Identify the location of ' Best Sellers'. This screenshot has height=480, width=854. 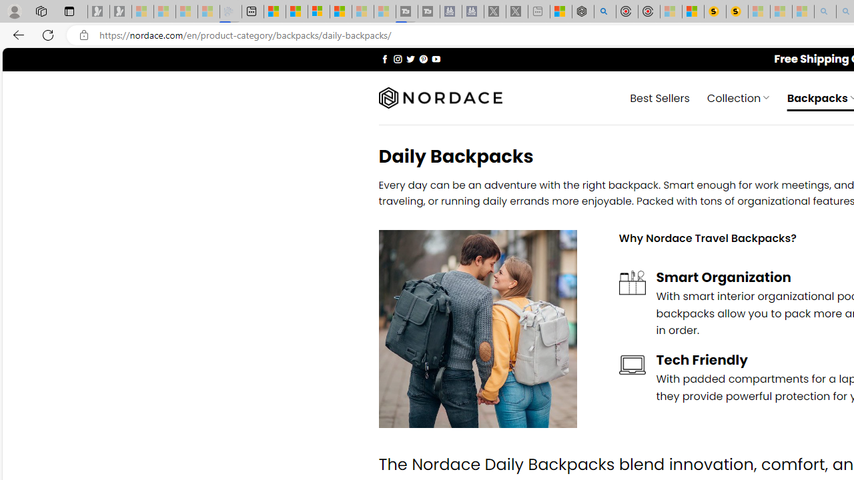
(660, 97).